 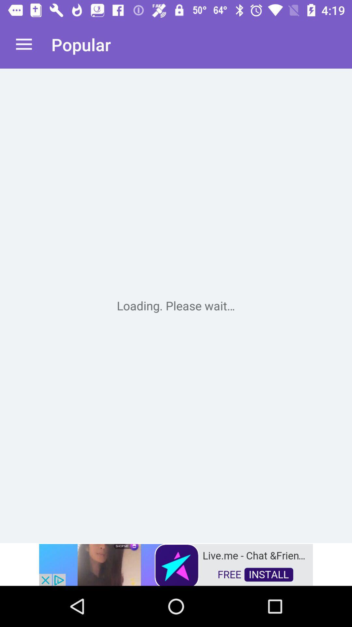 What do you see at coordinates (176, 564) in the screenshot?
I see `install advertisement` at bounding box center [176, 564].